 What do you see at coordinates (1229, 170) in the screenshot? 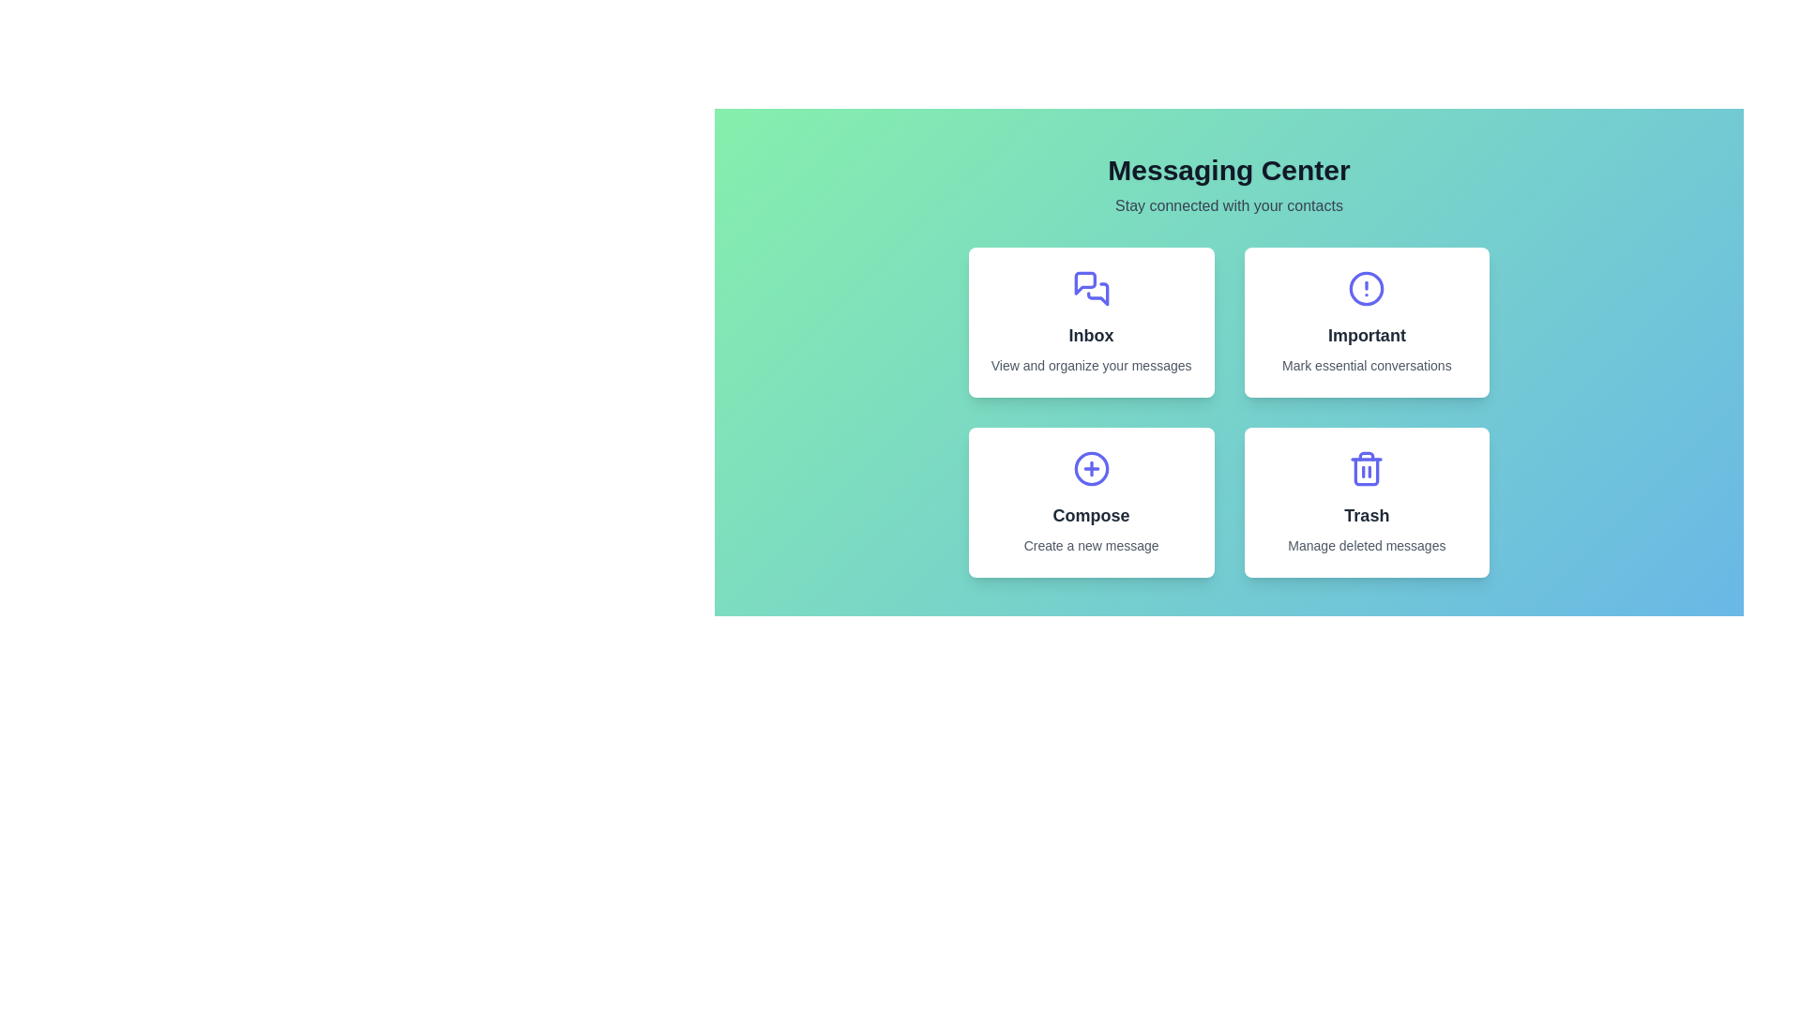
I see `the main title text label that serves as the header for the page, positioned above the subtitle 'Stay connected with your contacts'` at bounding box center [1229, 170].